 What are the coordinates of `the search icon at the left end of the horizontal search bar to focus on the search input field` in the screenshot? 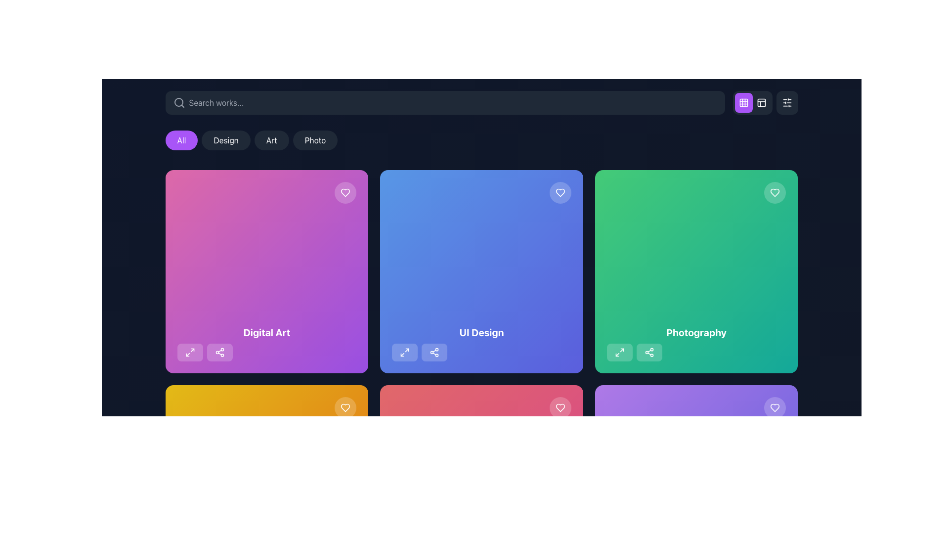 It's located at (179, 103).